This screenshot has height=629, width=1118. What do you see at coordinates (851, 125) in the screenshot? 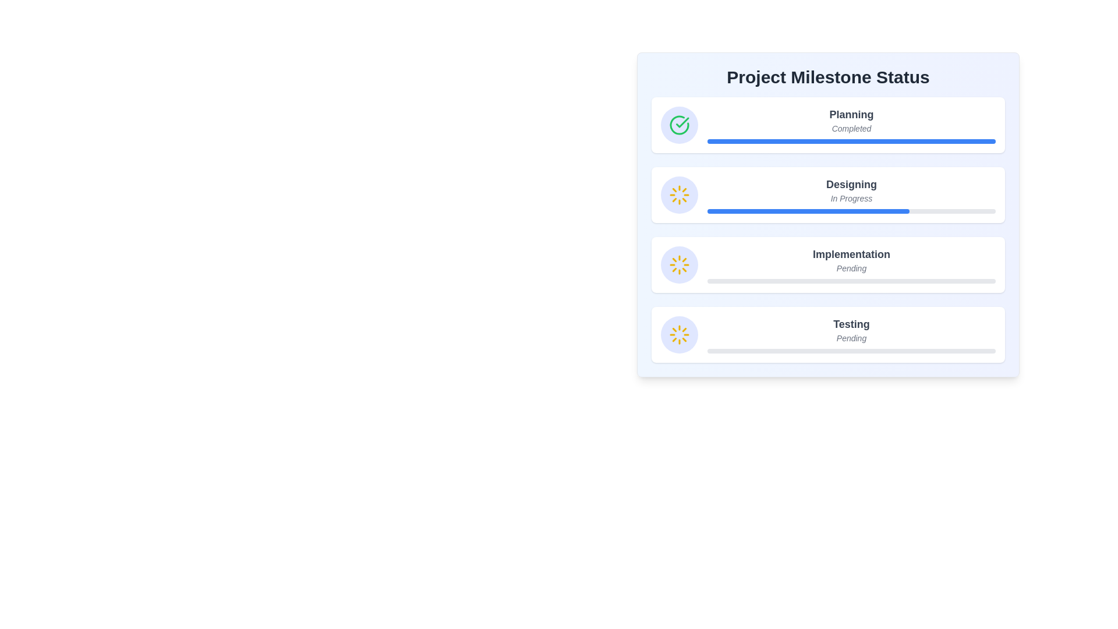
I see `the Labeled milestone indicator with the title 'Planning' and subtitle 'Completed', which is the first item in the 'Project Milestone Status' section` at bounding box center [851, 125].